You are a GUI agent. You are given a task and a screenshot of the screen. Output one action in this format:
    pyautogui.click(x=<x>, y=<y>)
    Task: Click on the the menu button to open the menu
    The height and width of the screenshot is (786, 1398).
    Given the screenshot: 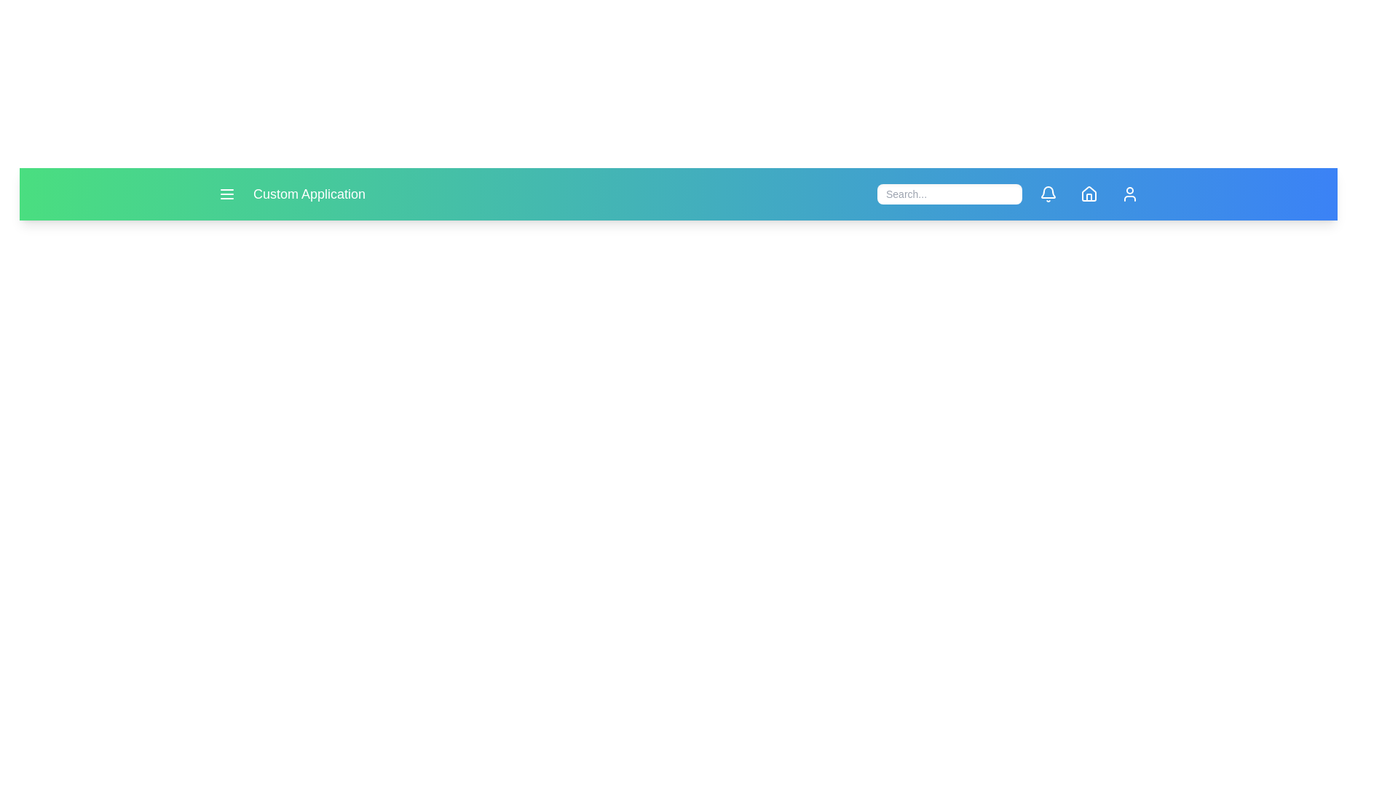 What is the action you would take?
    pyautogui.click(x=226, y=193)
    